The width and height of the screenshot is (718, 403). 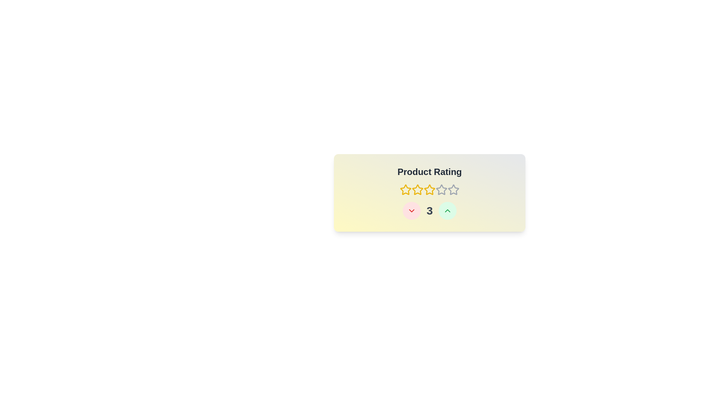 I want to click on the small upward-pointing green chevron icon button, which is part of the rating interface panel located to the right of the number '3', so click(x=448, y=210).